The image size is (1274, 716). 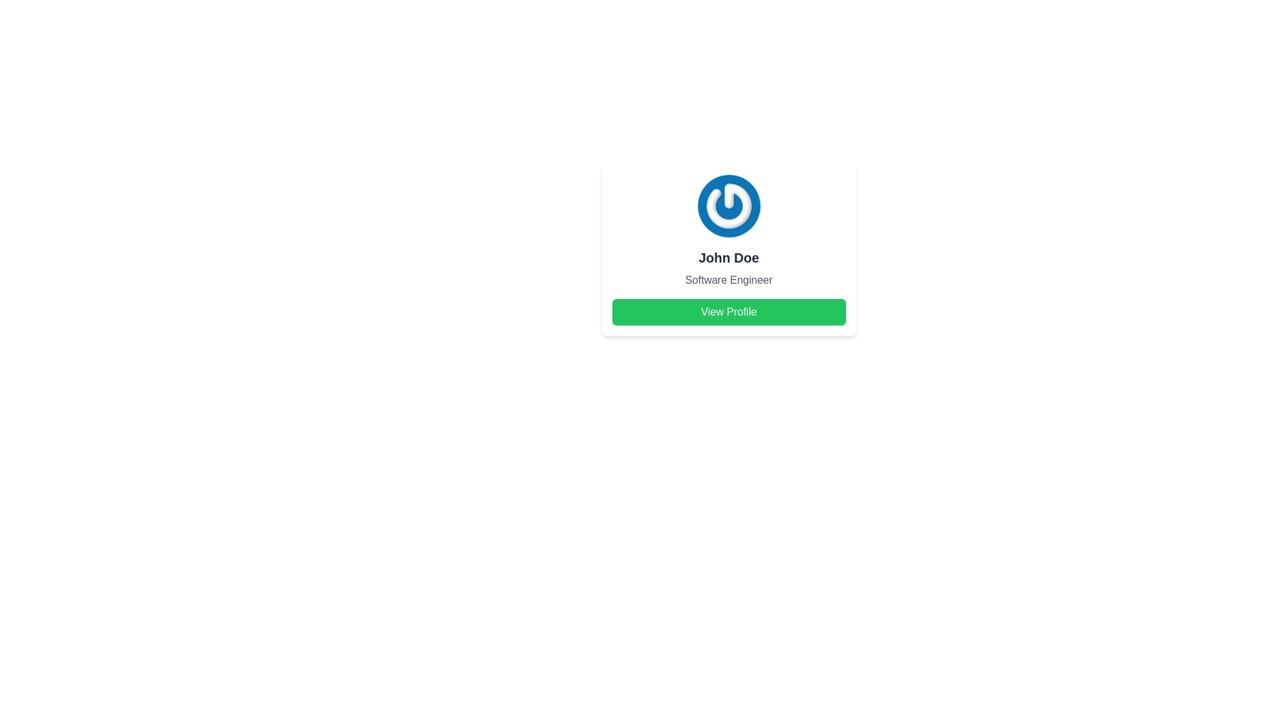 What do you see at coordinates (728, 250) in the screenshot?
I see `the user profile card featuring the name 'John Doe' and the 'View Profile' button at the bottom` at bounding box center [728, 250].